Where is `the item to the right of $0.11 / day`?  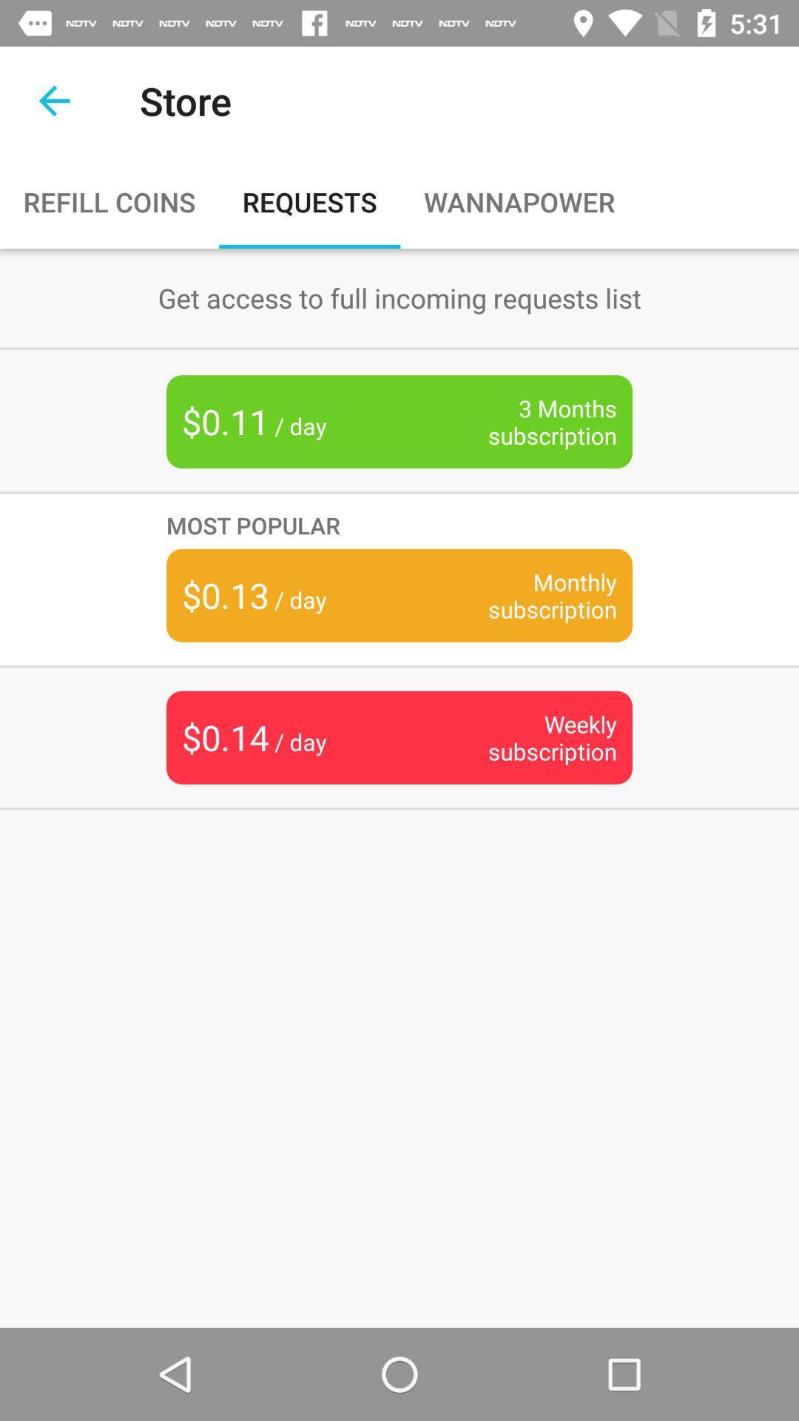 the item to the right of $0.11 / day is located at coordinates (529, 421).